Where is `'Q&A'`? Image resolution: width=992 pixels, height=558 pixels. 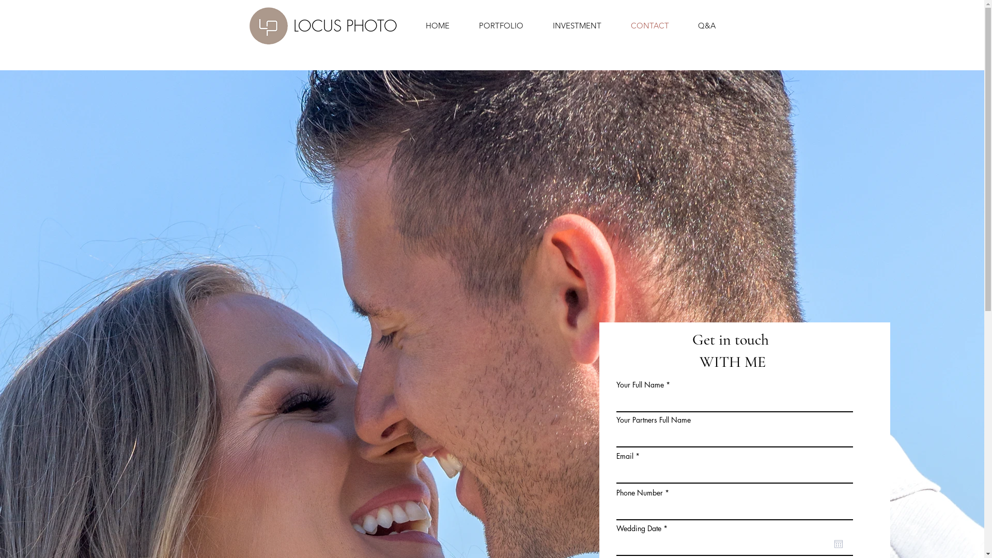
'Q&A' is located at coordinates (700, 25).